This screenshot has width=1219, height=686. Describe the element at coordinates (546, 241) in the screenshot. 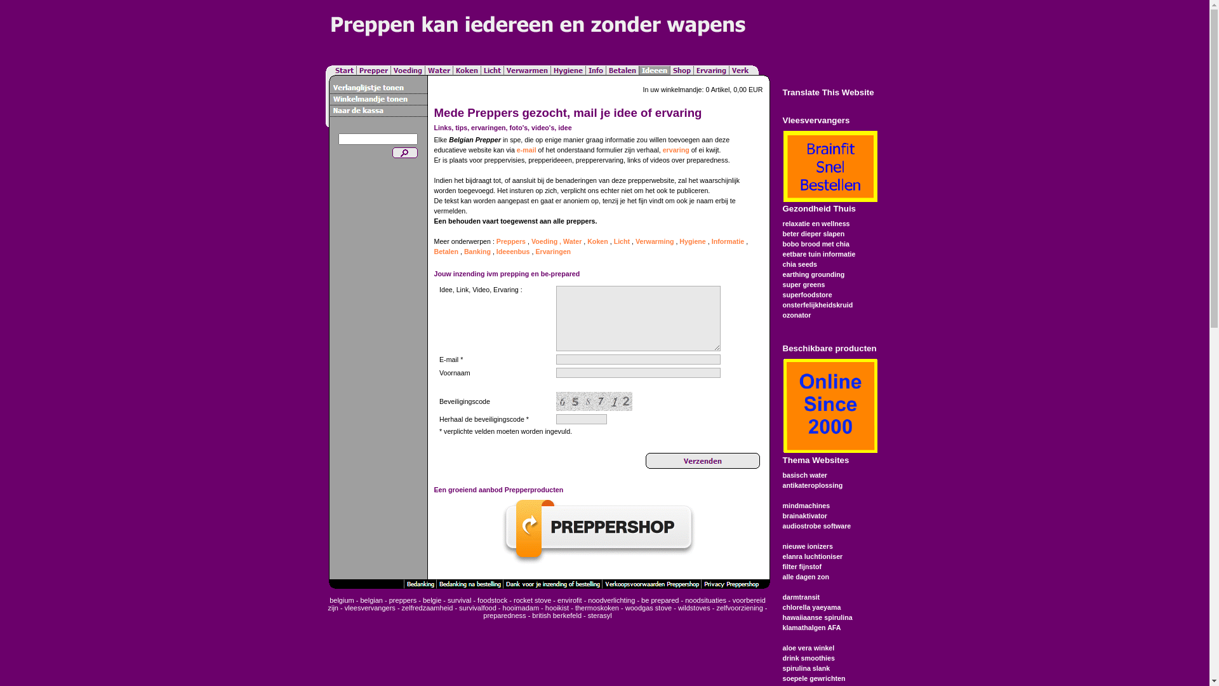

I see `'Voeding ,'` at that location.